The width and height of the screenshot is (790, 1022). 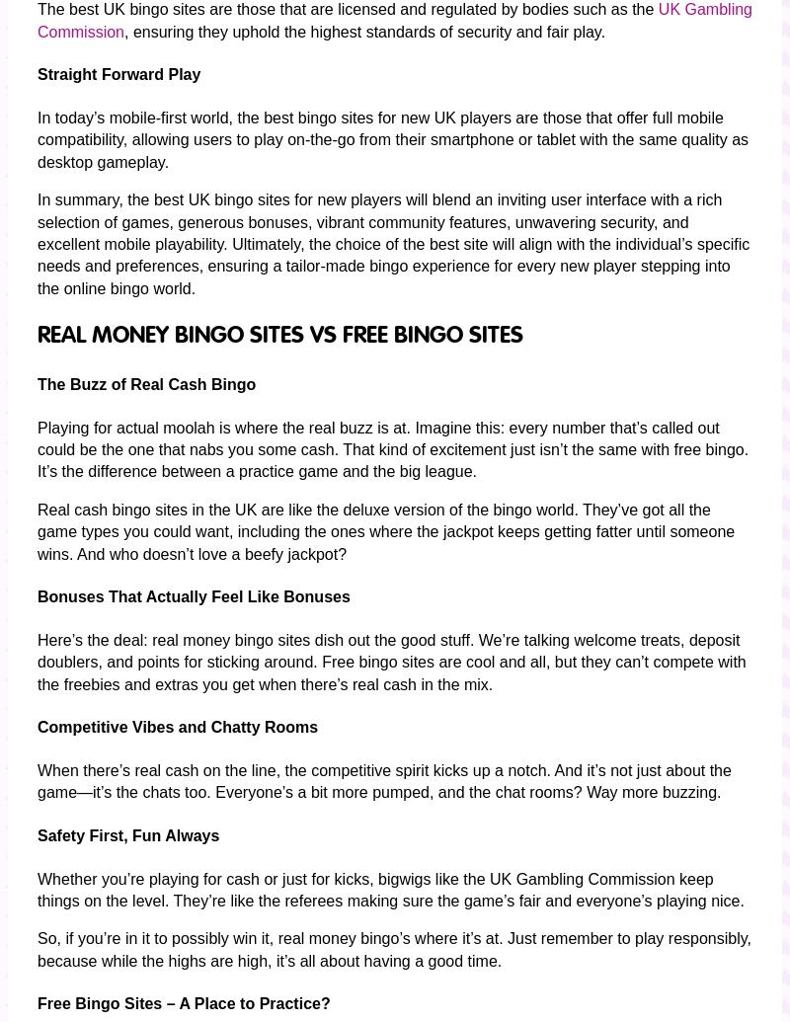 I want to click on 'Playing for actual moolah is where the real buzz is at. Imagine this: every number that’s called out could be the one that nabs you some cash. That kind of excitement just isn’t the same with free bingo. It’s the difference between a practice game and the big league.', so click(x=392, y=448).